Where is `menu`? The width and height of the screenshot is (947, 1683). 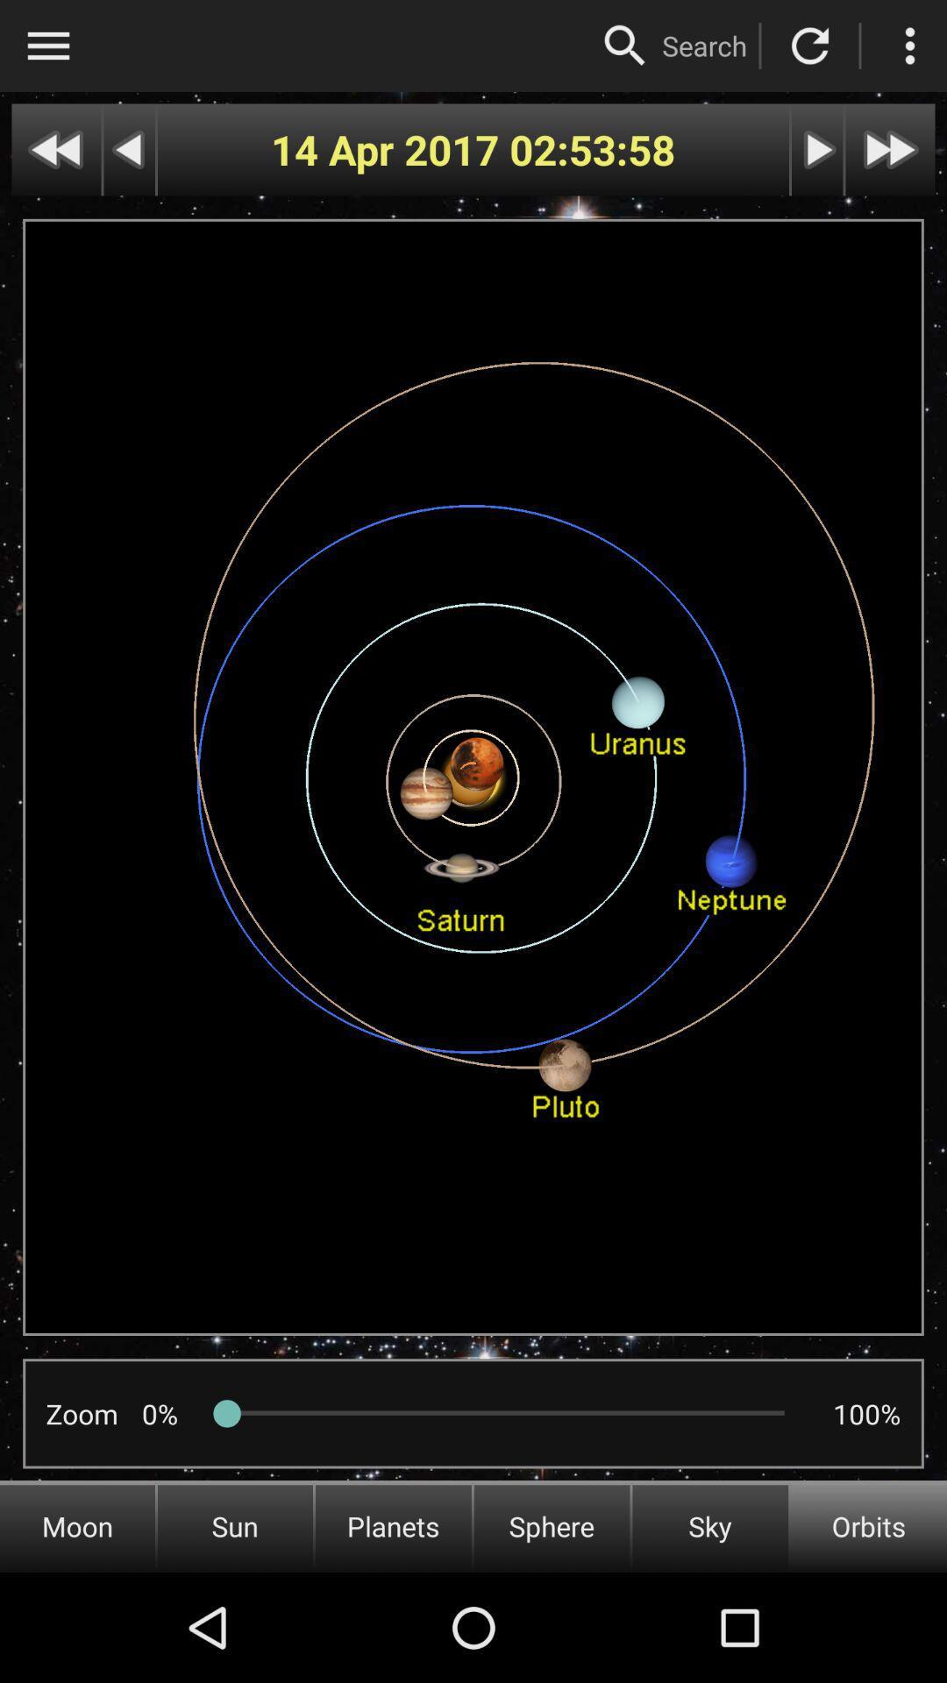
menu is located at coordinates (47, 46).